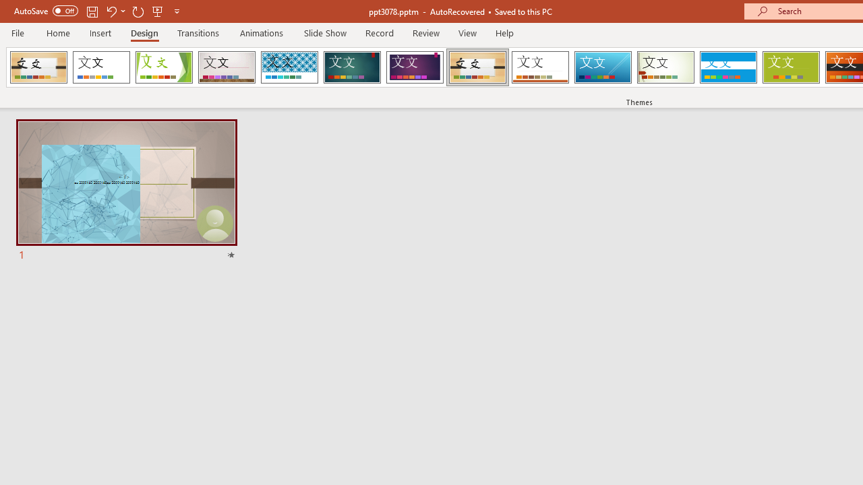 The width and height of the screenshot is (863, 485). I want to click on 'Facet', so click(163, 67).